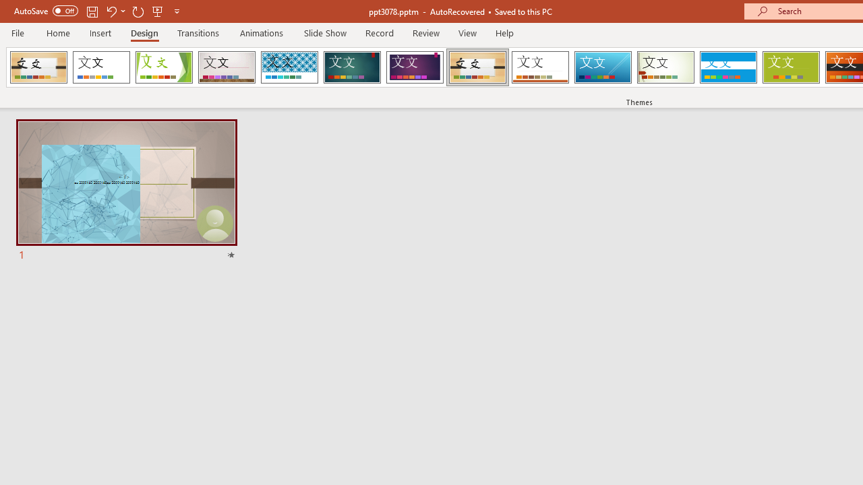 The width and height of the screenshot is (863, 485). I want to click on 'Facet', so click(163, 67).